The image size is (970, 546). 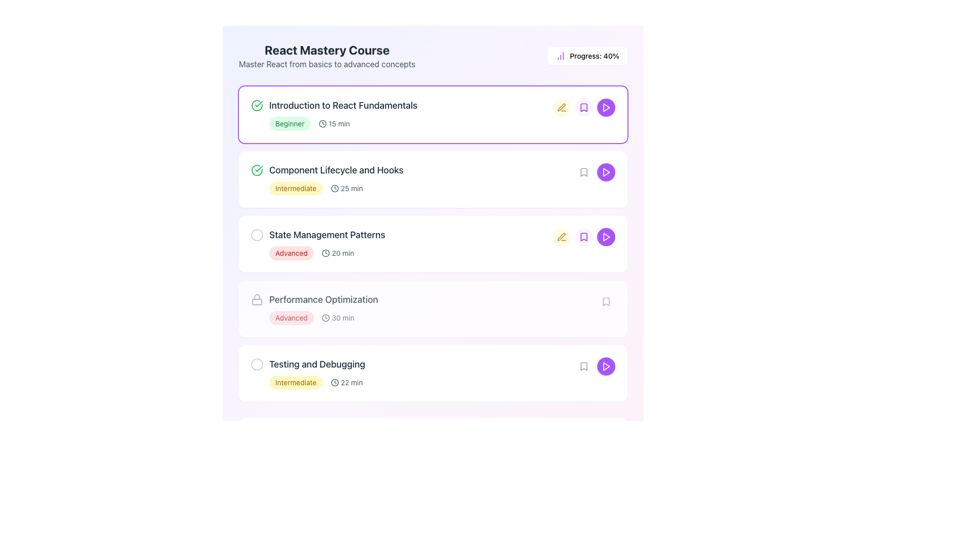 What do you see at coordinates (584, 171) in the screenshot?
I see `the bookmark icon located inside the task block labeled 'Component Lifecycle and Hooks', positioned to the right of the edit pencil icon and to the left of the play button` at bounding box center [584, 171].